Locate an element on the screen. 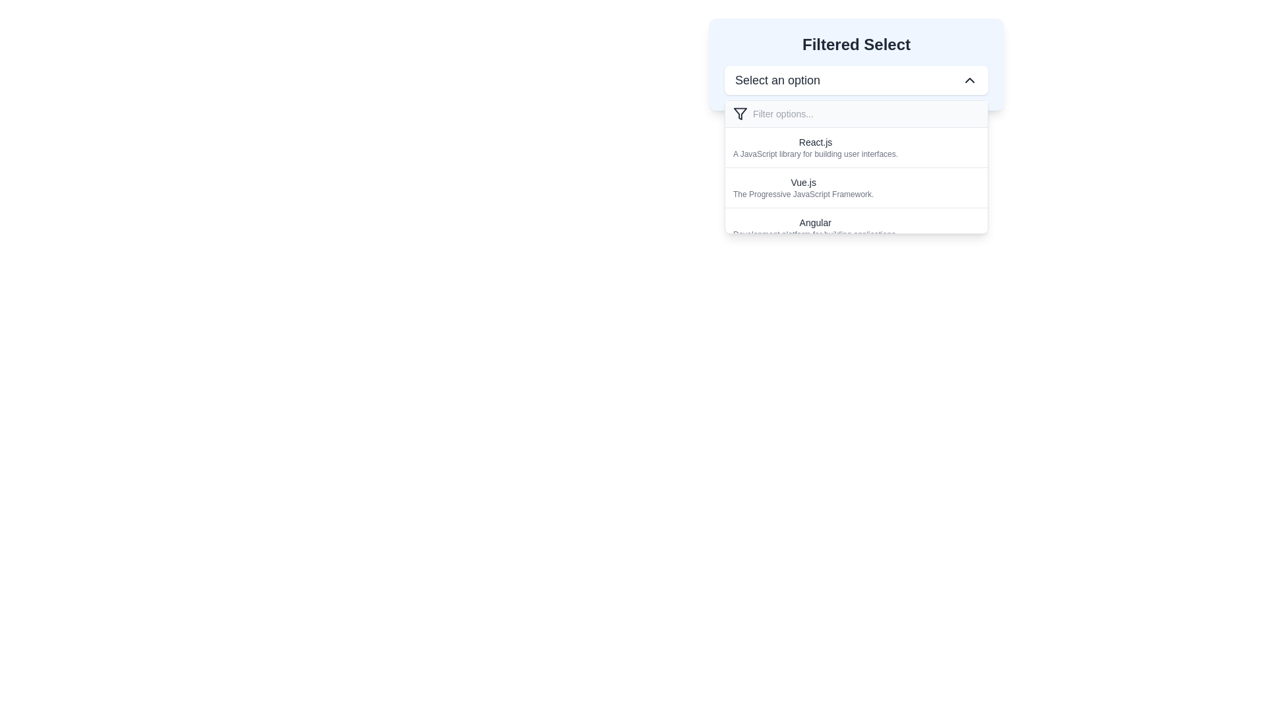 This screenshot has width=1266, height=712. the downward chevron arrow icon located at the right edge of the 'Select an option' button for visual feedback is located at coordinates (969, 80).